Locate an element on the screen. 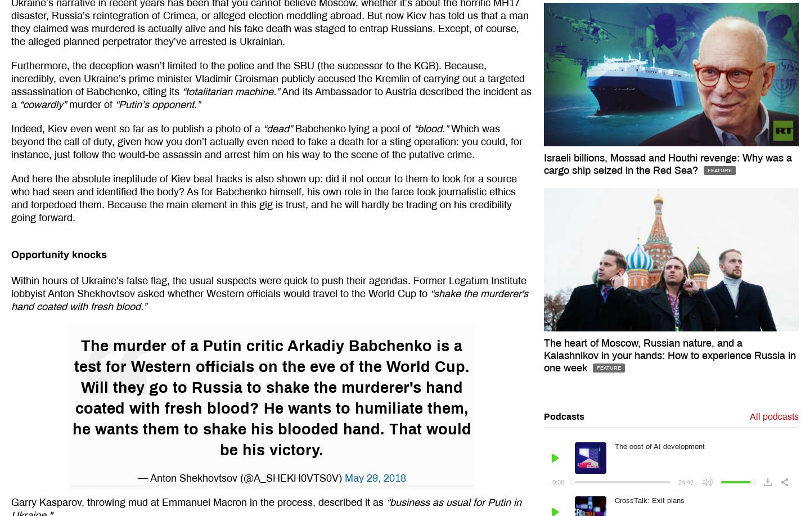 The height and width of the screenshot is (516, 810). 'Israeli billions, Mossad and Houthi revenge: Why was a cargo ship seized in the Red Sea?' is located at coordinates (667, 164).